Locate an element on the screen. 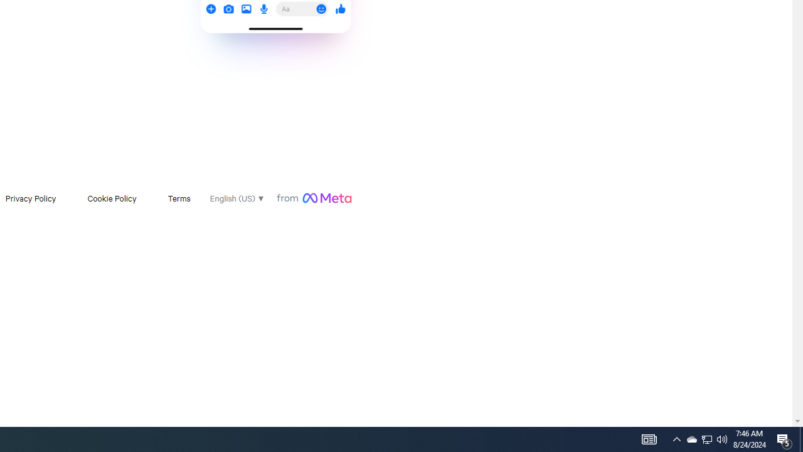 The height and width of the screenshot is (452, 803). 'From Meta Logo' is located at coordinates (314, 198).